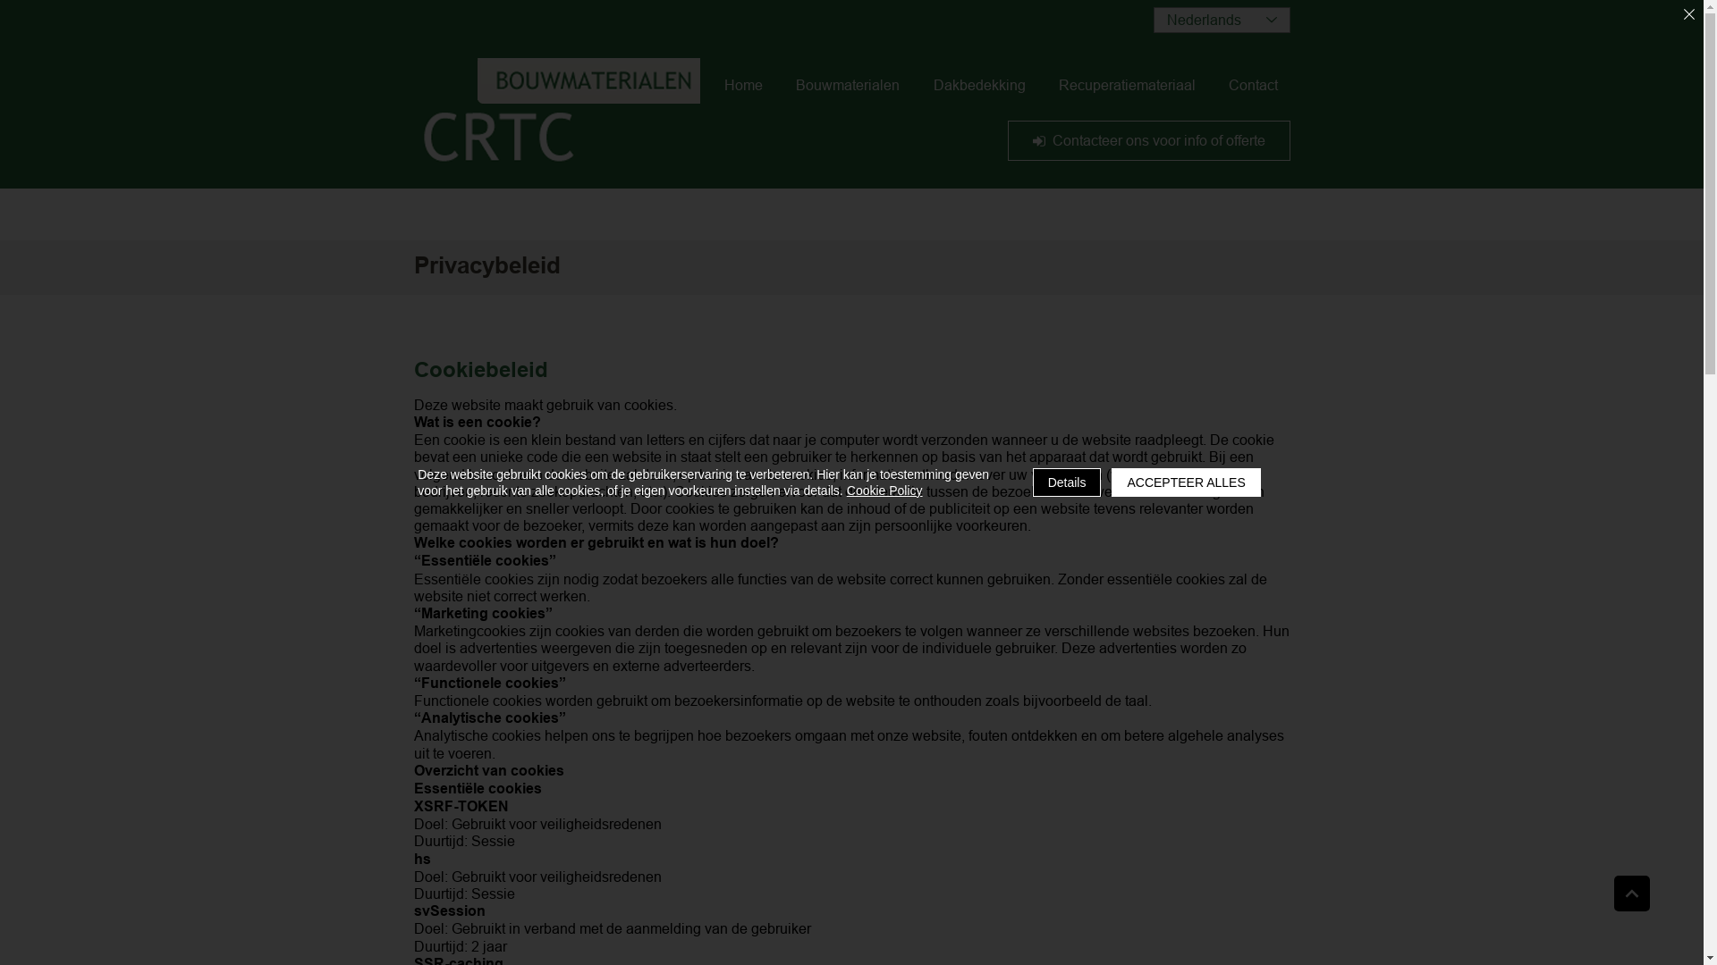 The image size is (1717, 965). What do you see at coordinates (977, 85) in the screenshot?
I see `'Dakbedekking'` at bounding box center [977, 85].